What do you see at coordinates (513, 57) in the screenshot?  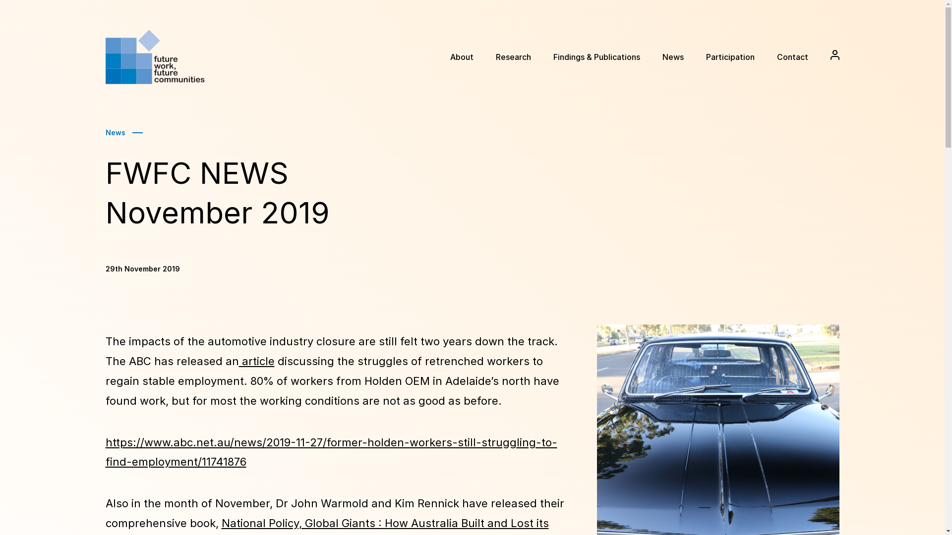 I see `'Research'` at bounding box center [513, 57].